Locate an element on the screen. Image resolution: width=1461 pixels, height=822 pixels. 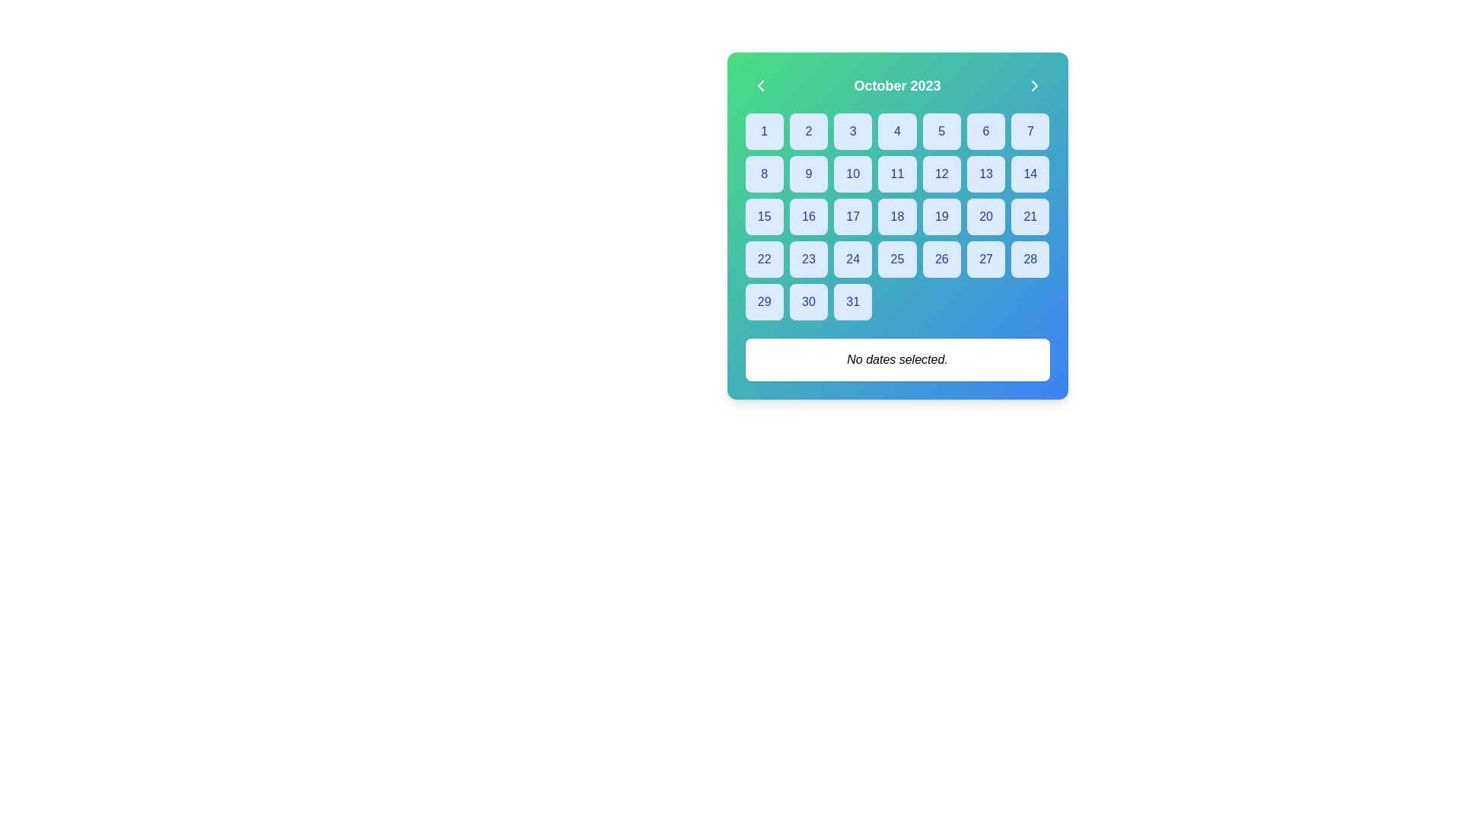
the square button with rounded borders displaying the number '5' in bold blue text to change its background color is located at coordinates (941, 131).